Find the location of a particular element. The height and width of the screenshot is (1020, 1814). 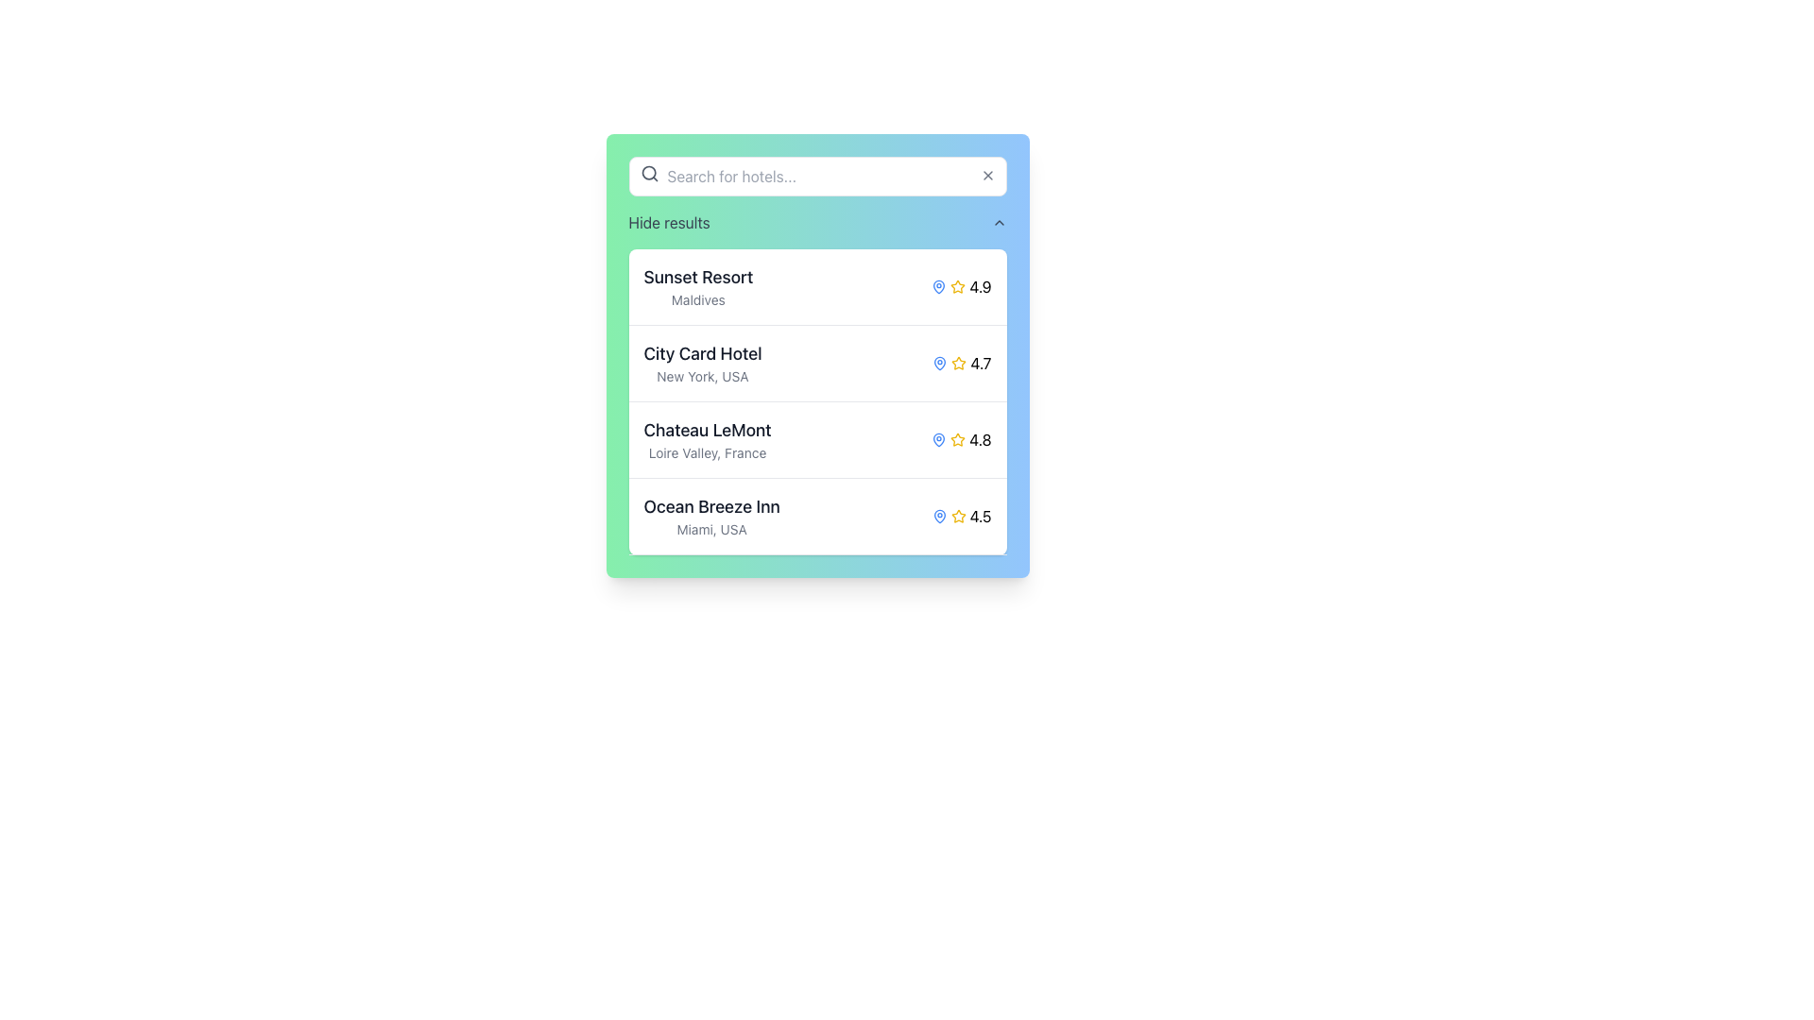

the text label 'City Card Hotel' which identifies a hotel in the selection interface, located in the second slot of the list is located at coordinates (702, 353).